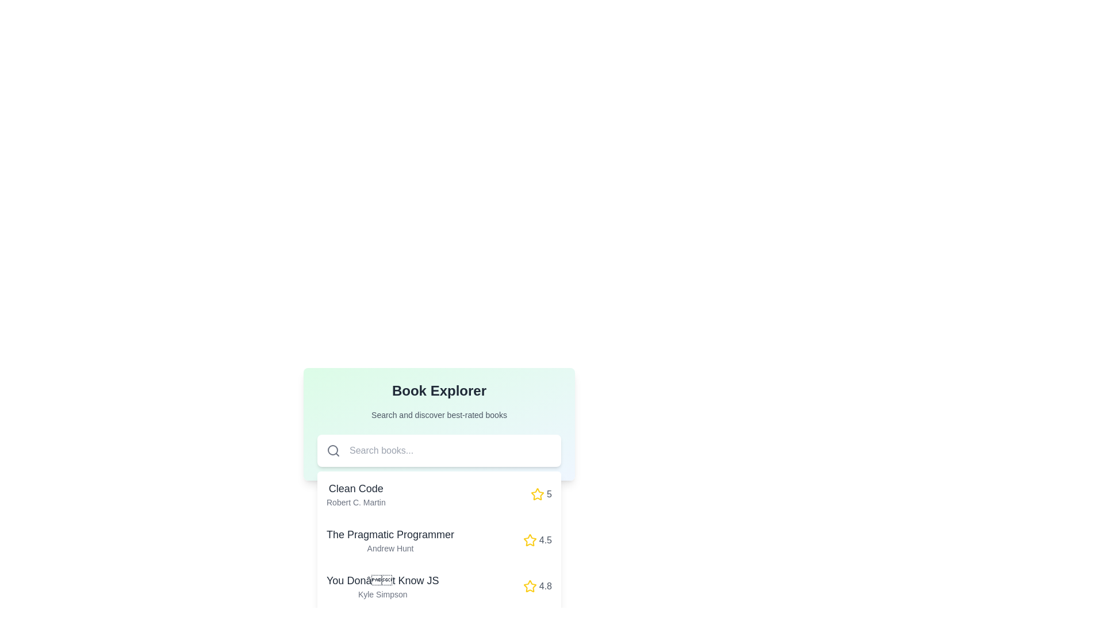 Image resolution: width=1104 pixels, height=621 pixels. Describe the element at coordinates (390, 540) in the screenshot. I see `the text label displaying 'The Pragmatic Programmer' by 'Andrew Hunt' in the Book Explorer section` at that location.